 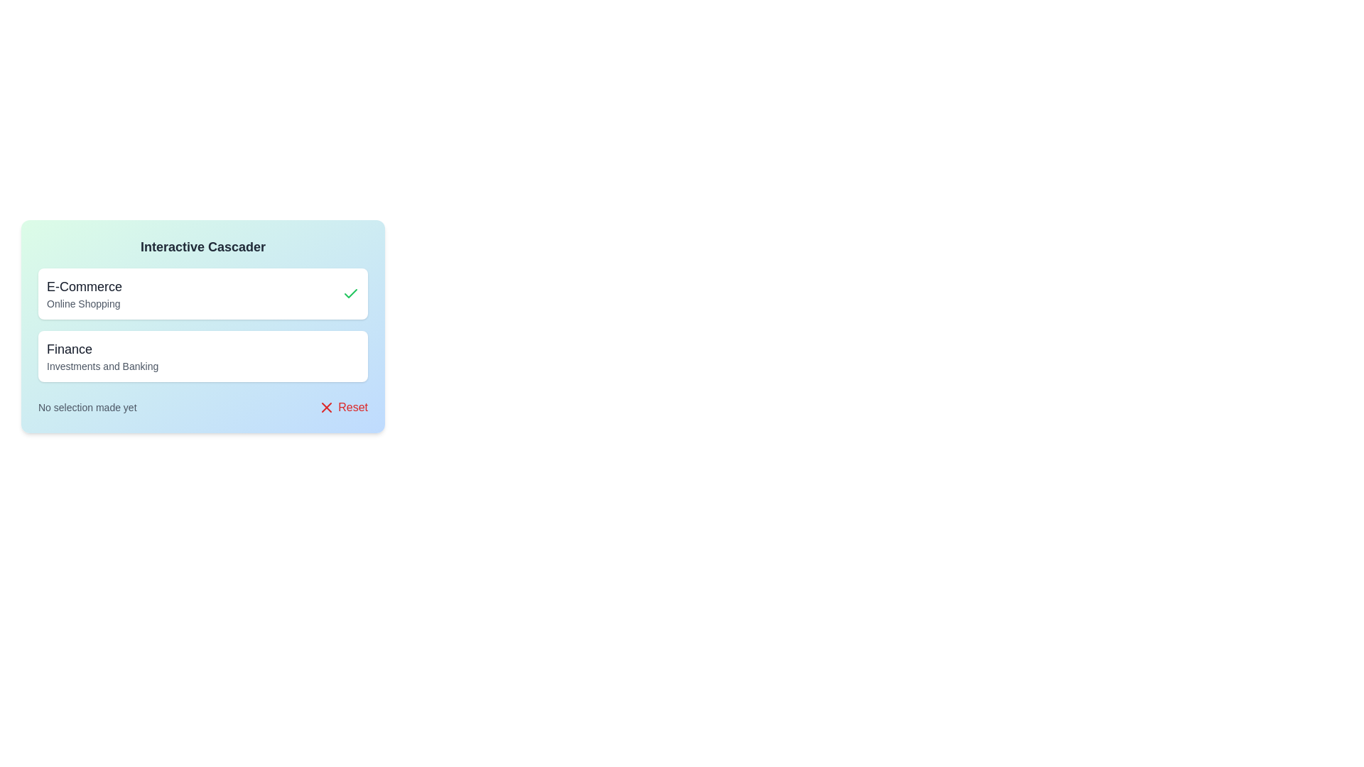 What do you see at coordinates (102, 355) in the screenshot?
I see `the 'Finance' text label which displays 'Finance' in bold and larger font, and 'Investments and Banking' in lighter and smaller font, located below the 'E-Commerce' section` at bounding box center [102, 355].